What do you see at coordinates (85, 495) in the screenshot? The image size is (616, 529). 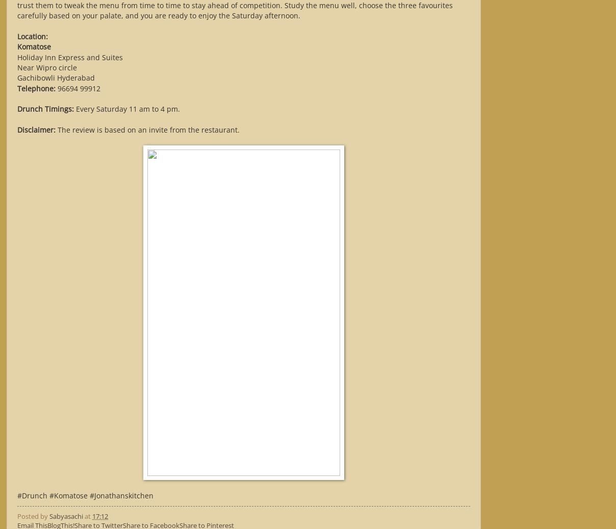 I see `'#Drunch #Komatose #Jonathanskitchen'` at bounding box center [85, 495].